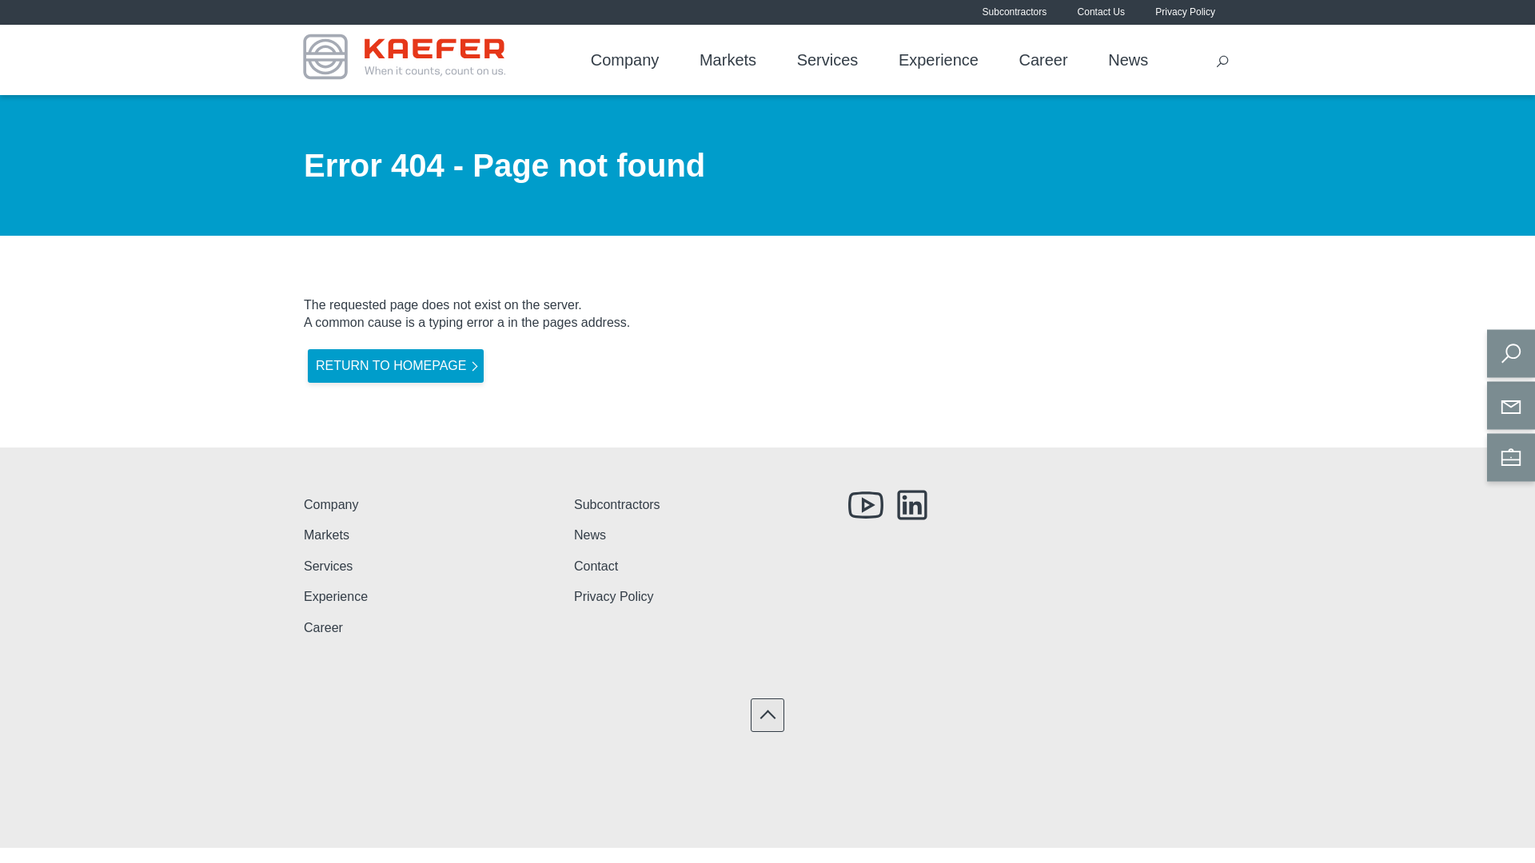 The width and height of the screenshot is (1535, 863). Describe the element at coordinates (613, 597) in the screenshot. I see `'Privacy Policy'` at that location.